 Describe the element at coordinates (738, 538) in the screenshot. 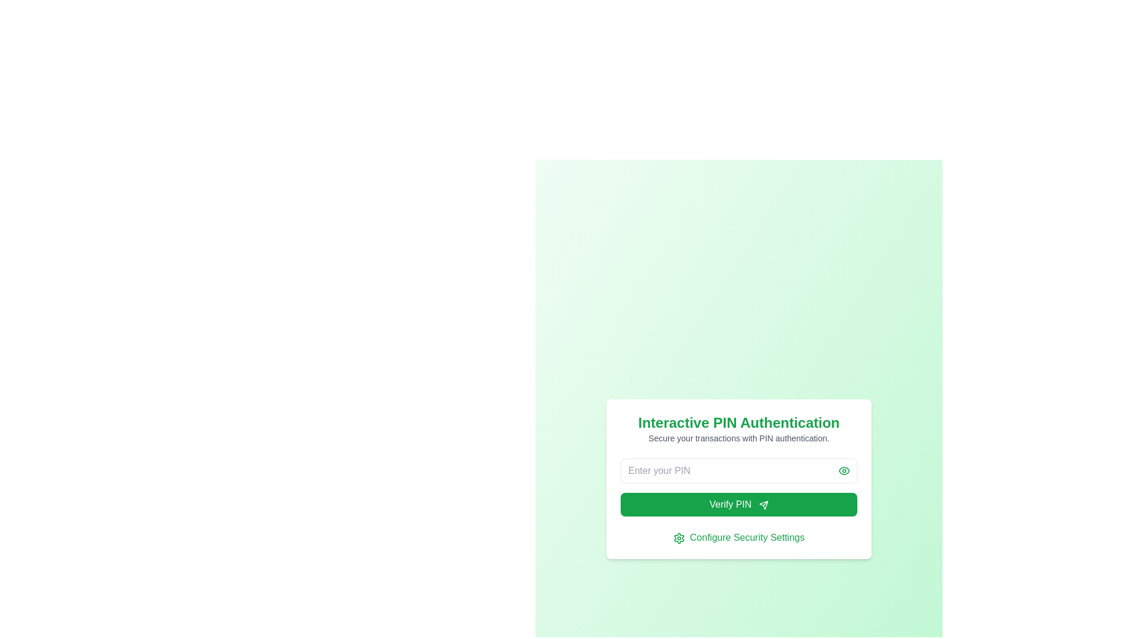

I see `the text element directing users to configure or modify security settings, located at the bottom of the 'Interactive PIN Authentication' box` at that location.